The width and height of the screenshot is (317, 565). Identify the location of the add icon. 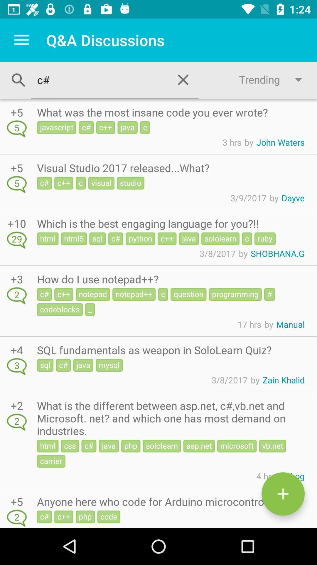
(283, 494).